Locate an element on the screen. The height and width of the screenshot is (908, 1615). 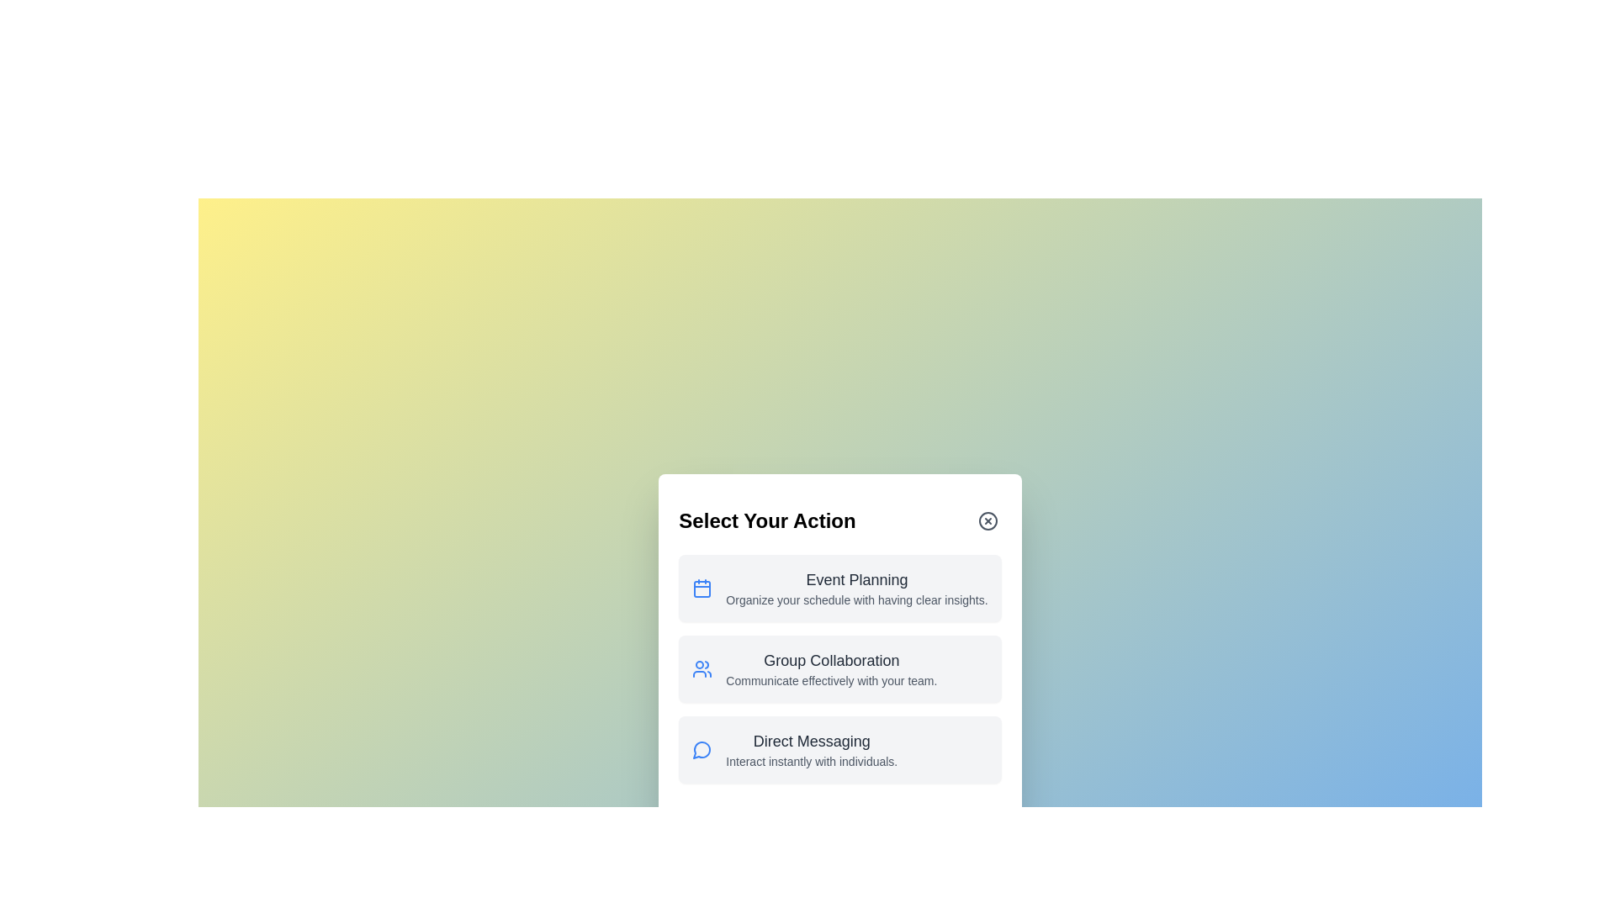
the card corresponding to Direct Messaging is located at coordinates (839, 748).